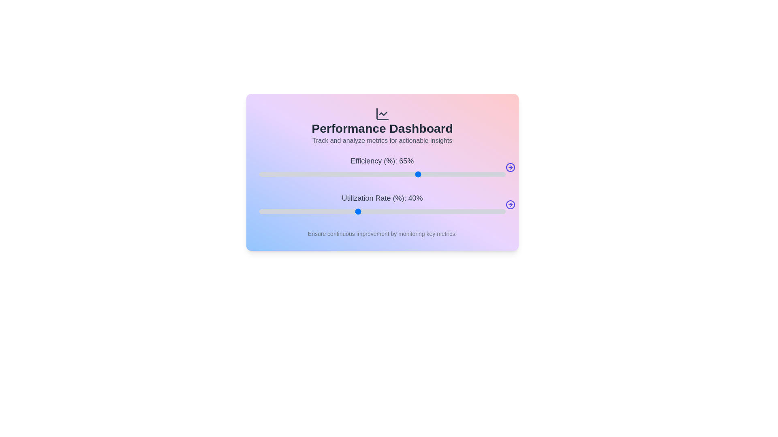 This screenshot has width=778, height=437. I want to click on arrow icon next to the Efficiency slider to display its current value, so click(510, 167).